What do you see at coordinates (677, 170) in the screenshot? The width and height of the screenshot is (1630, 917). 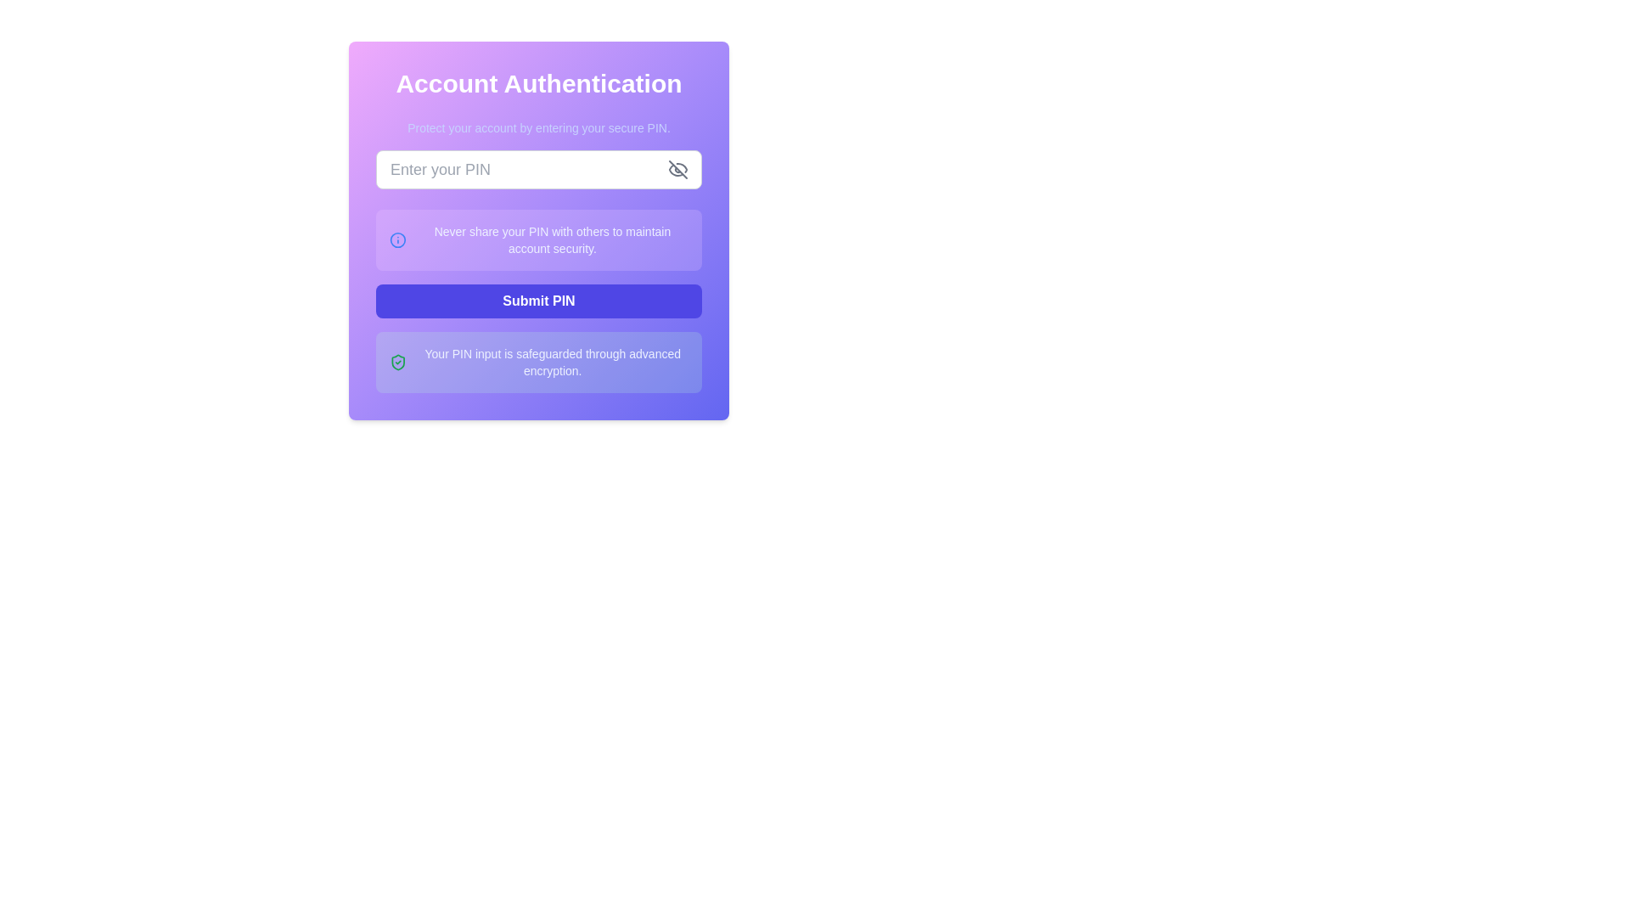 I see `the icon button to the right of the 'Enter your PIN' input field` at bounding box center [677, 170].